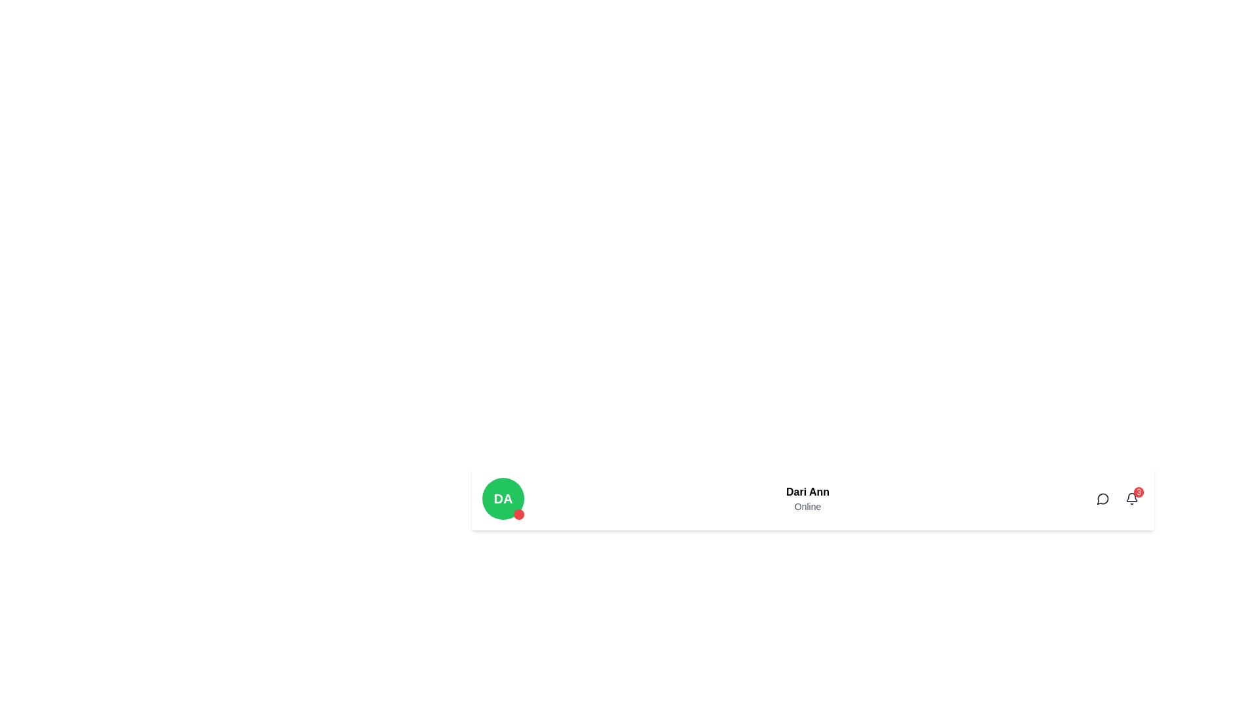 Image resolution: width=1260 pixels, height=708 pixels. I want to click on the text label displaying 'DA' in bold white font, which is centered within a green circular background located in the bottom-left corner of the interface, so click(503, 498).